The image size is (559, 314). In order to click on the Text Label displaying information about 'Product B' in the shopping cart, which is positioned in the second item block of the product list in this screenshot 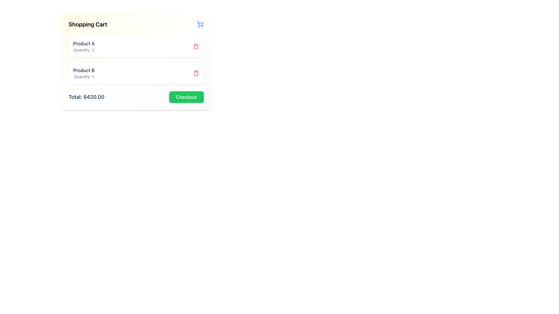, I will do `click(84, 73)`.